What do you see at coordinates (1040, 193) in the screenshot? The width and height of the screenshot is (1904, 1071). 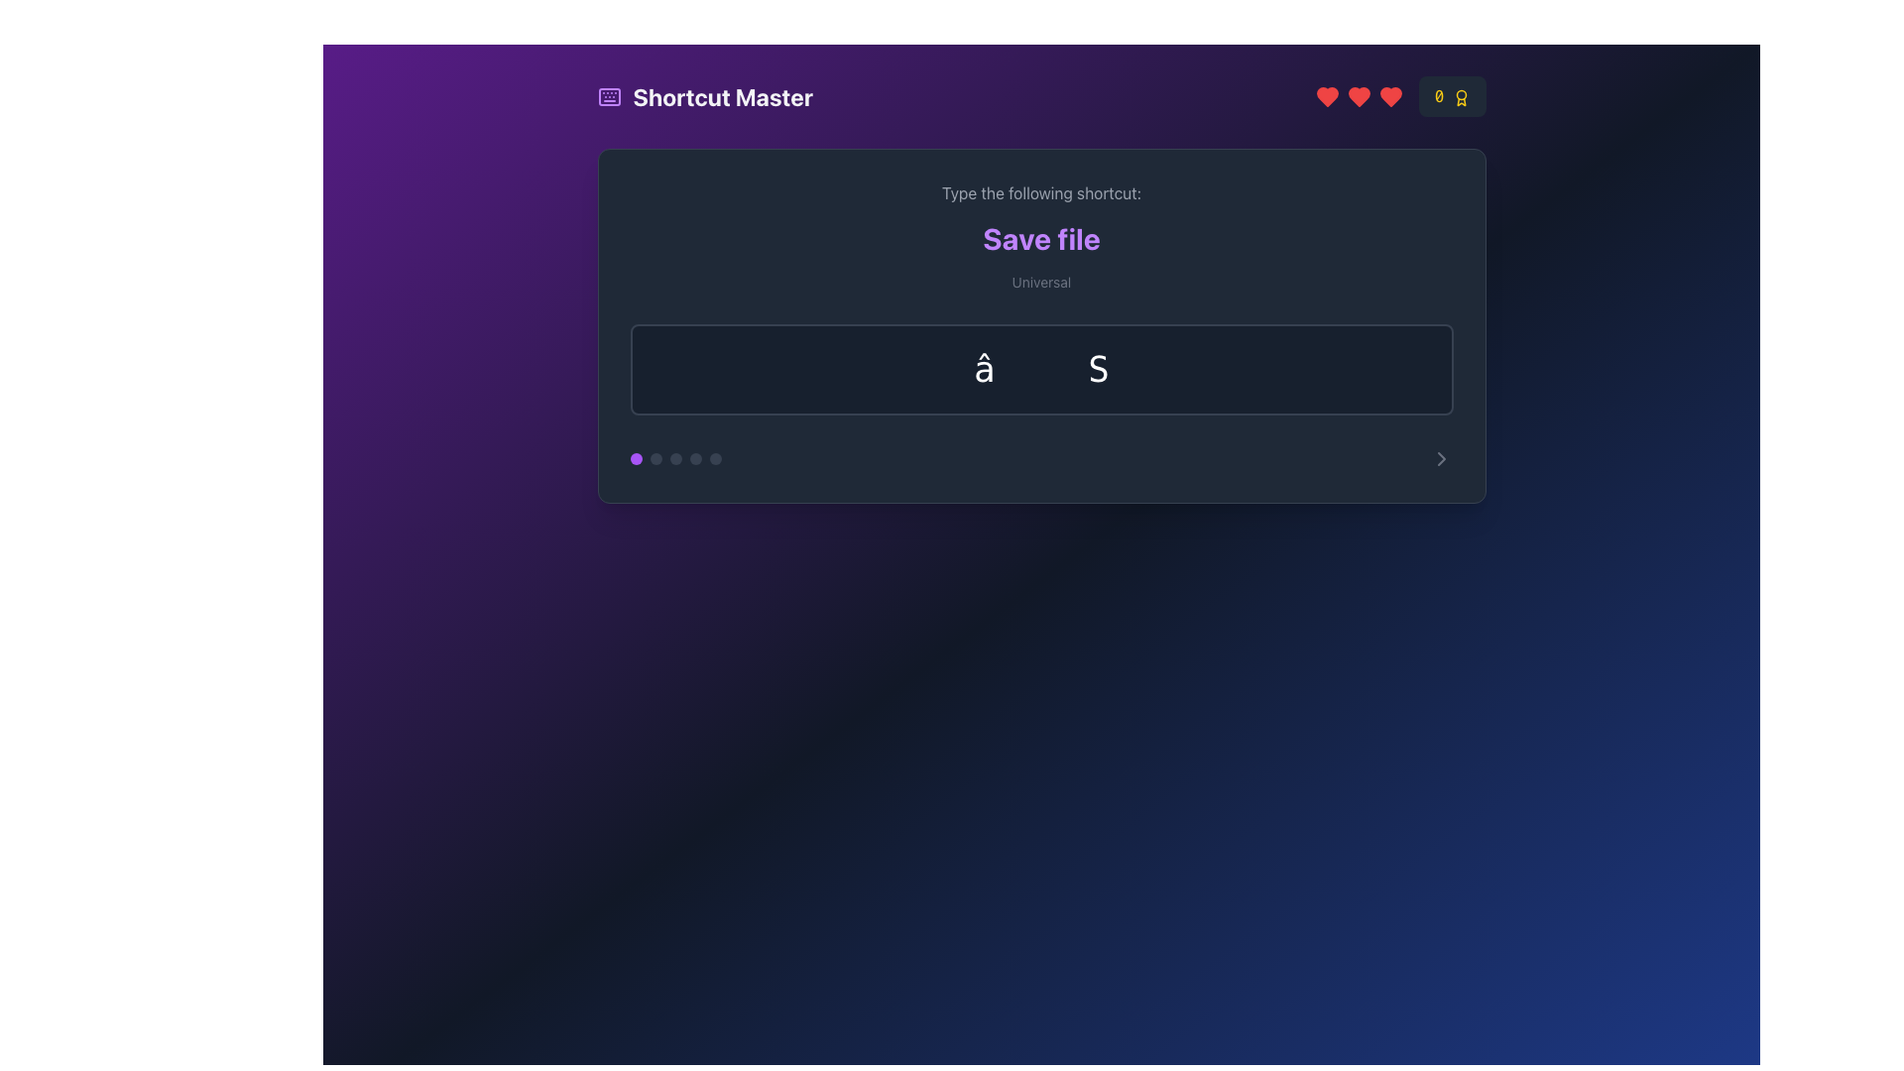 I see `the text label that reads 'Type the following shortcut:', which is positioned at the top center of the section above the 'Save file' header` at bounding box center [1040, 193].